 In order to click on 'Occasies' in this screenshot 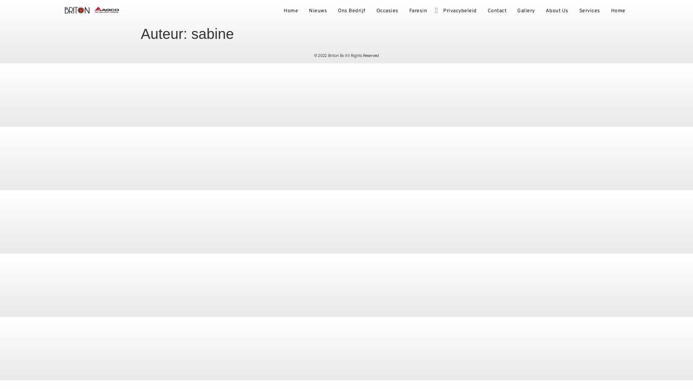, I will do `click(371, 11)`.